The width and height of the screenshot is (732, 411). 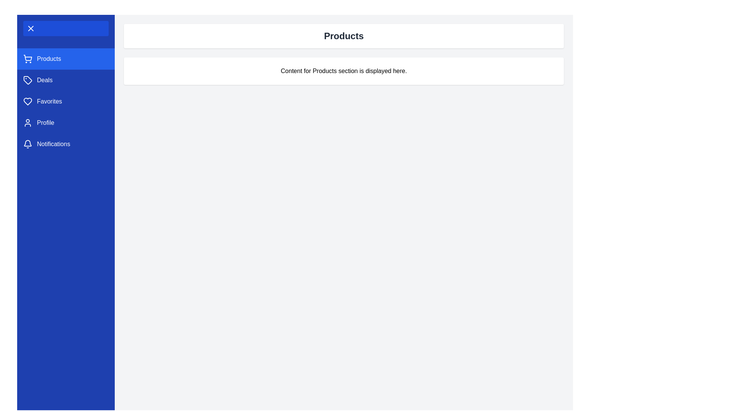 I want to click on the 'Deals' text label, which is displayed in white on a blue background and located in the vertical sidebar menu, positioned between 'Products' and 'Favorites', so click(x=44, y=80).